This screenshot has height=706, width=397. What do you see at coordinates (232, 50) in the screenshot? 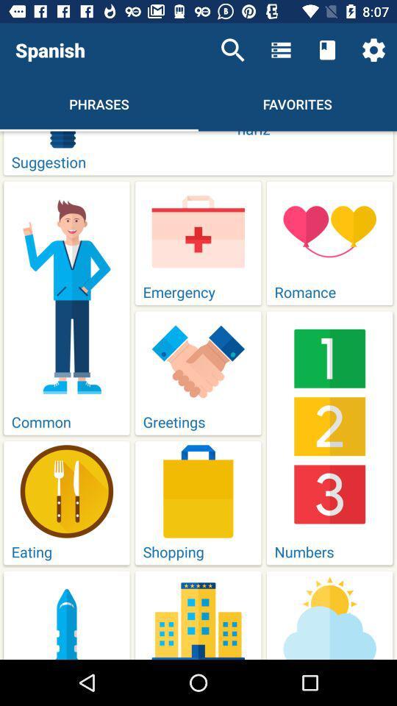
I see `icon next to spanish icon` at bounding box center [232, 50].